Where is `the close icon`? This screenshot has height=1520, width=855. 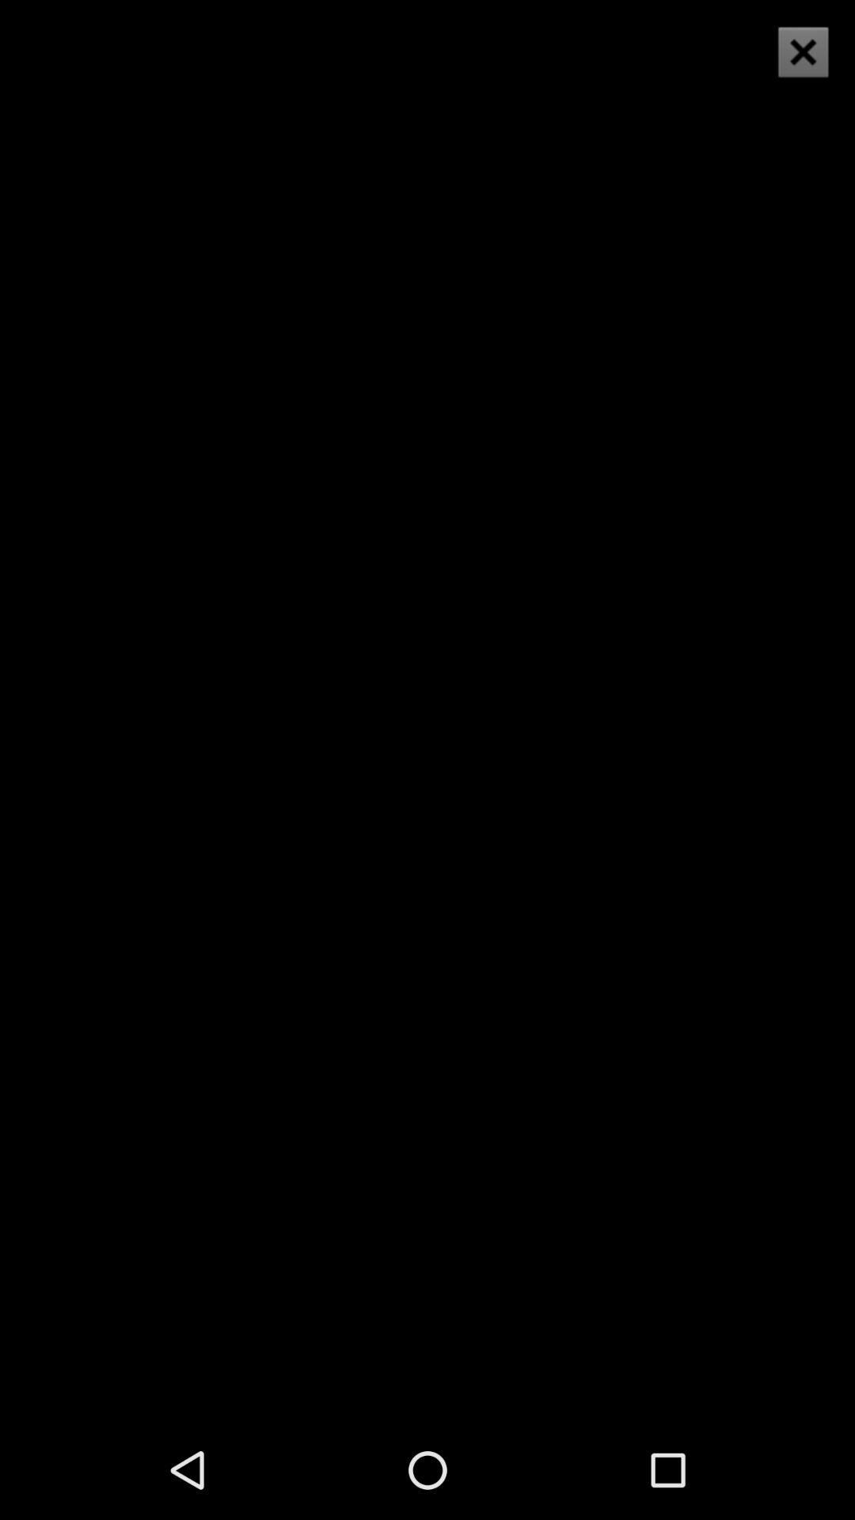
the close icon is located at coordinates (803, 51).